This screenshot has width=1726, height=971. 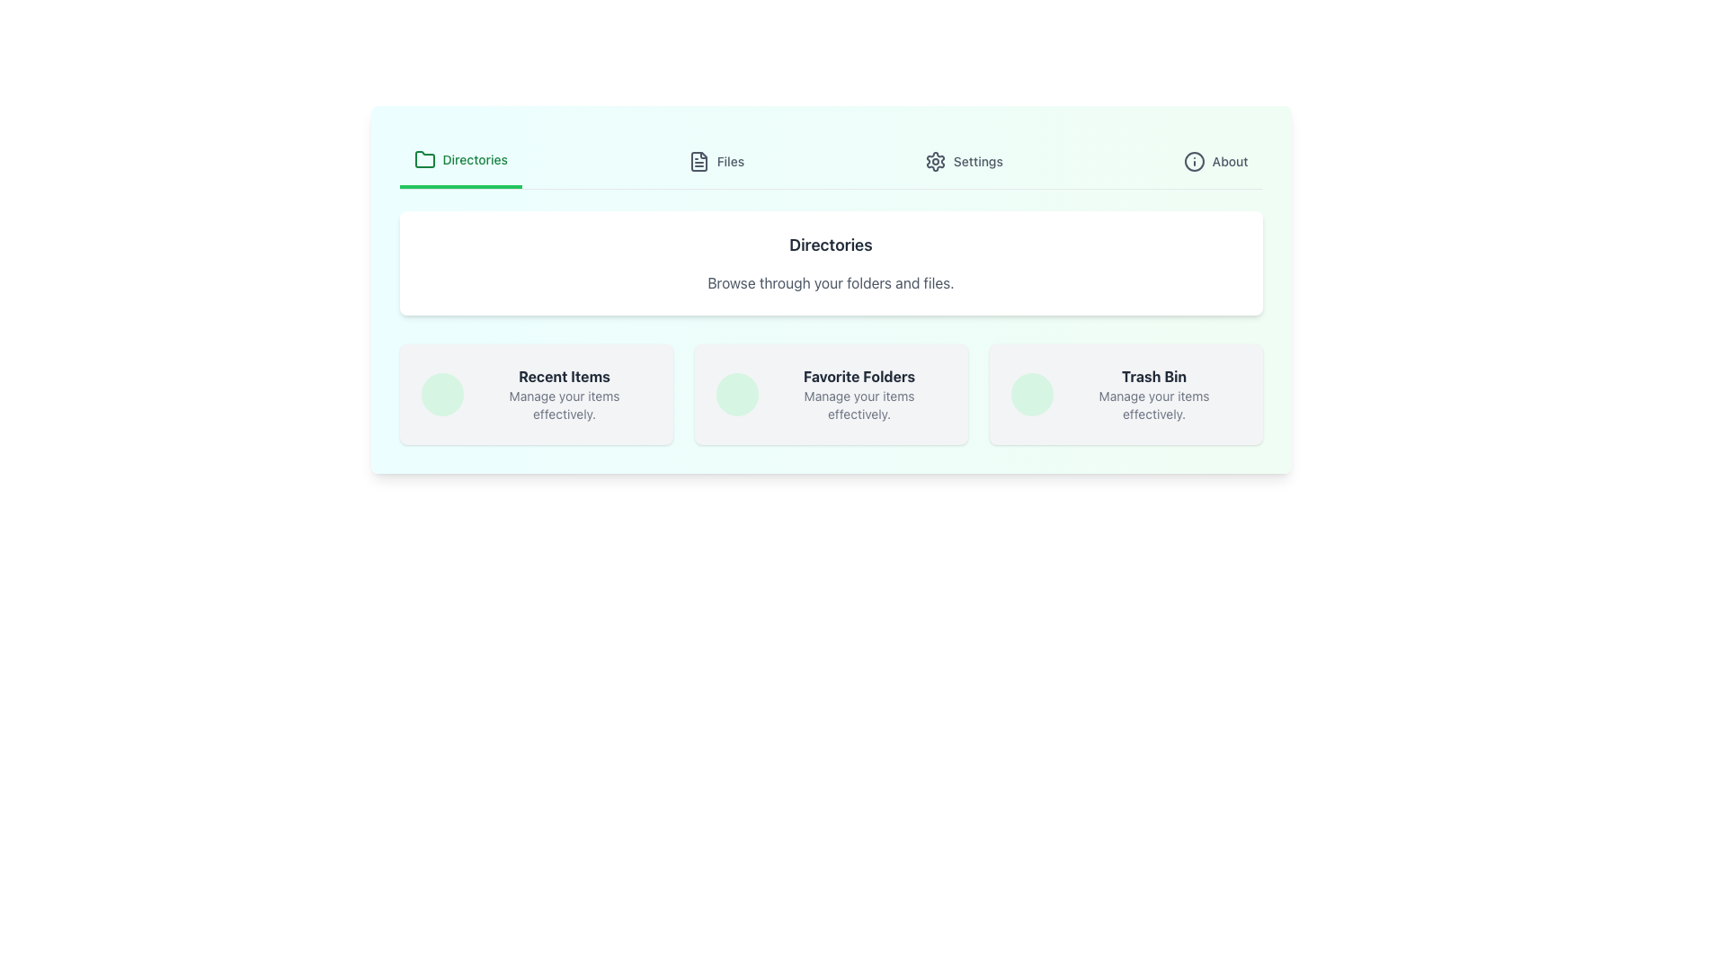 I want to click on text label that says 'Manage your items effectively.' located under the 'Trash Bin' heading within the rightmost card, so click(x=1154, y=405).